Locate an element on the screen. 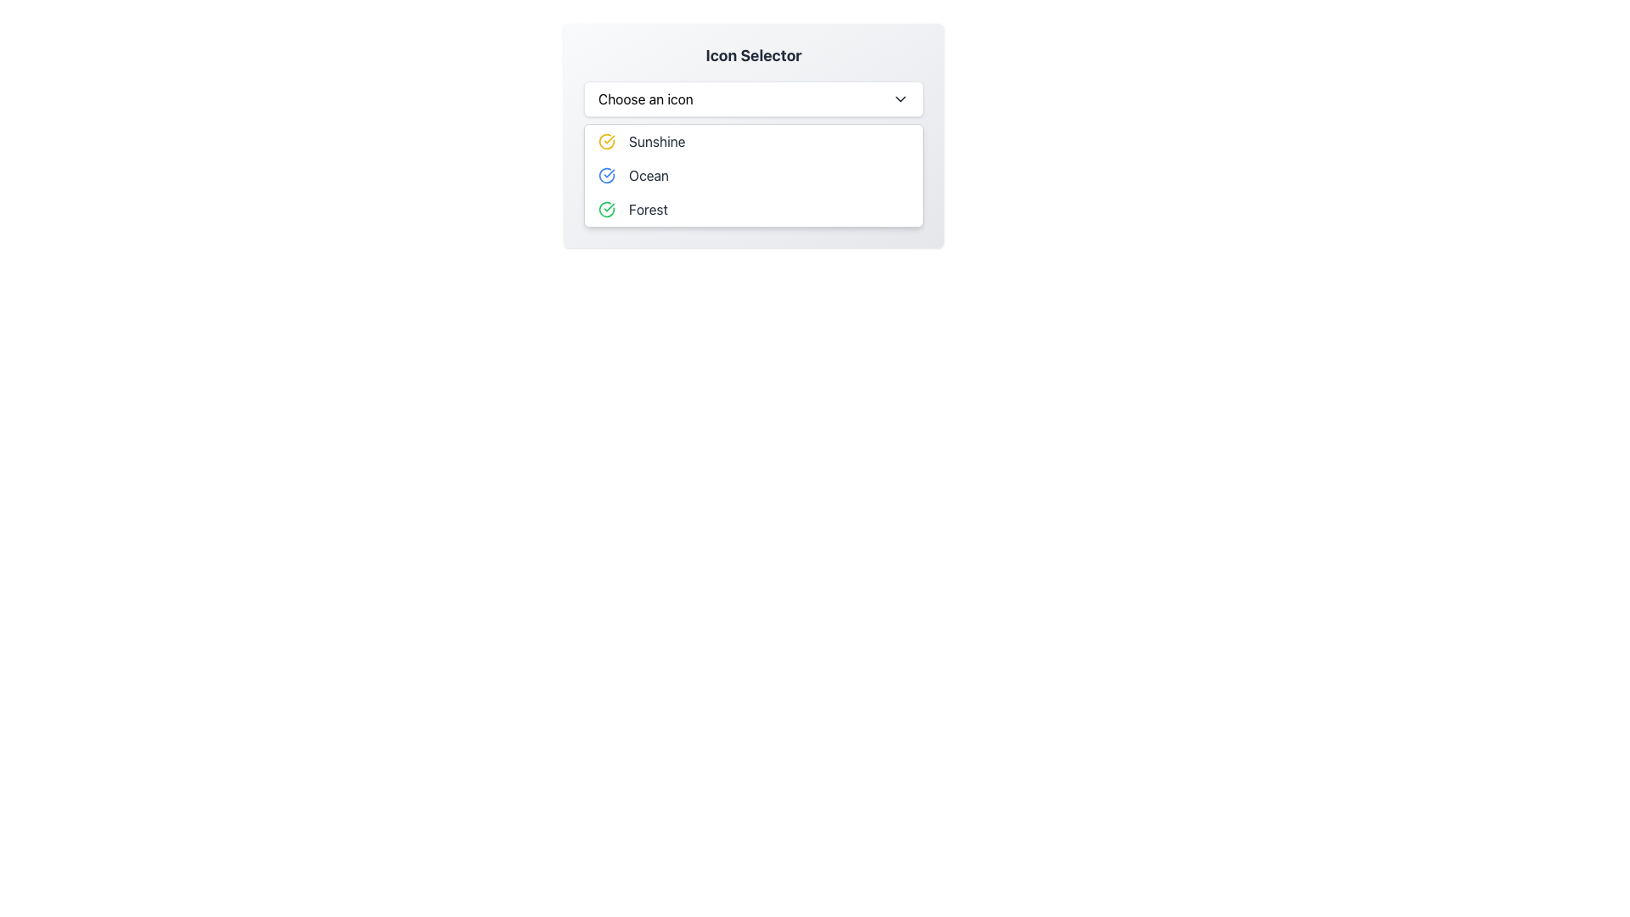 The height and width of the screenshot is (917, 1630). the list item labeled 'Ocean' is located at coordinates (753, 176).